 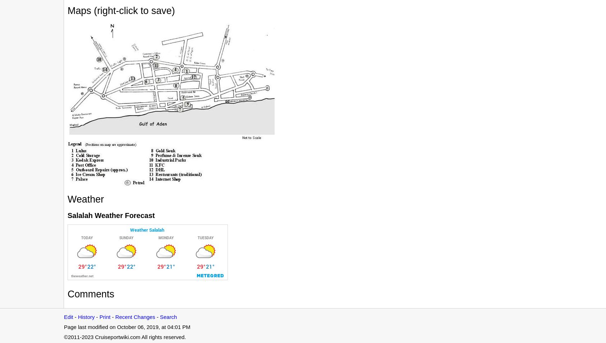 I want to click on 'History', so click(x=77, y=316).